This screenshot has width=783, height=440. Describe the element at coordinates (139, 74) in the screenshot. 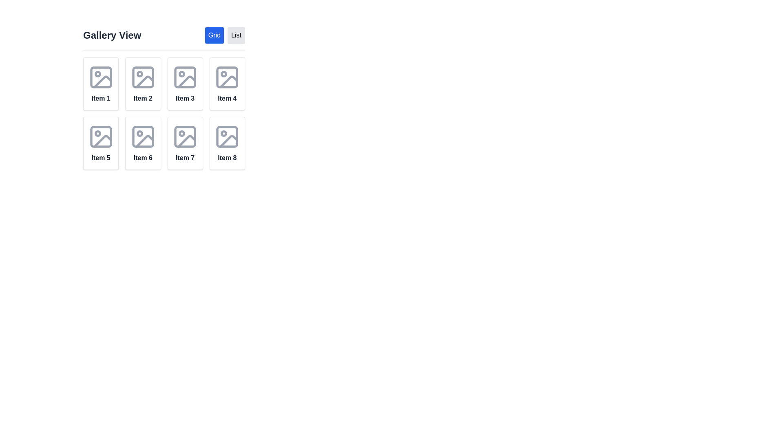

I see `the small circular shape that is centered within the larger icon in the second grid item of the gallery view` at that location.